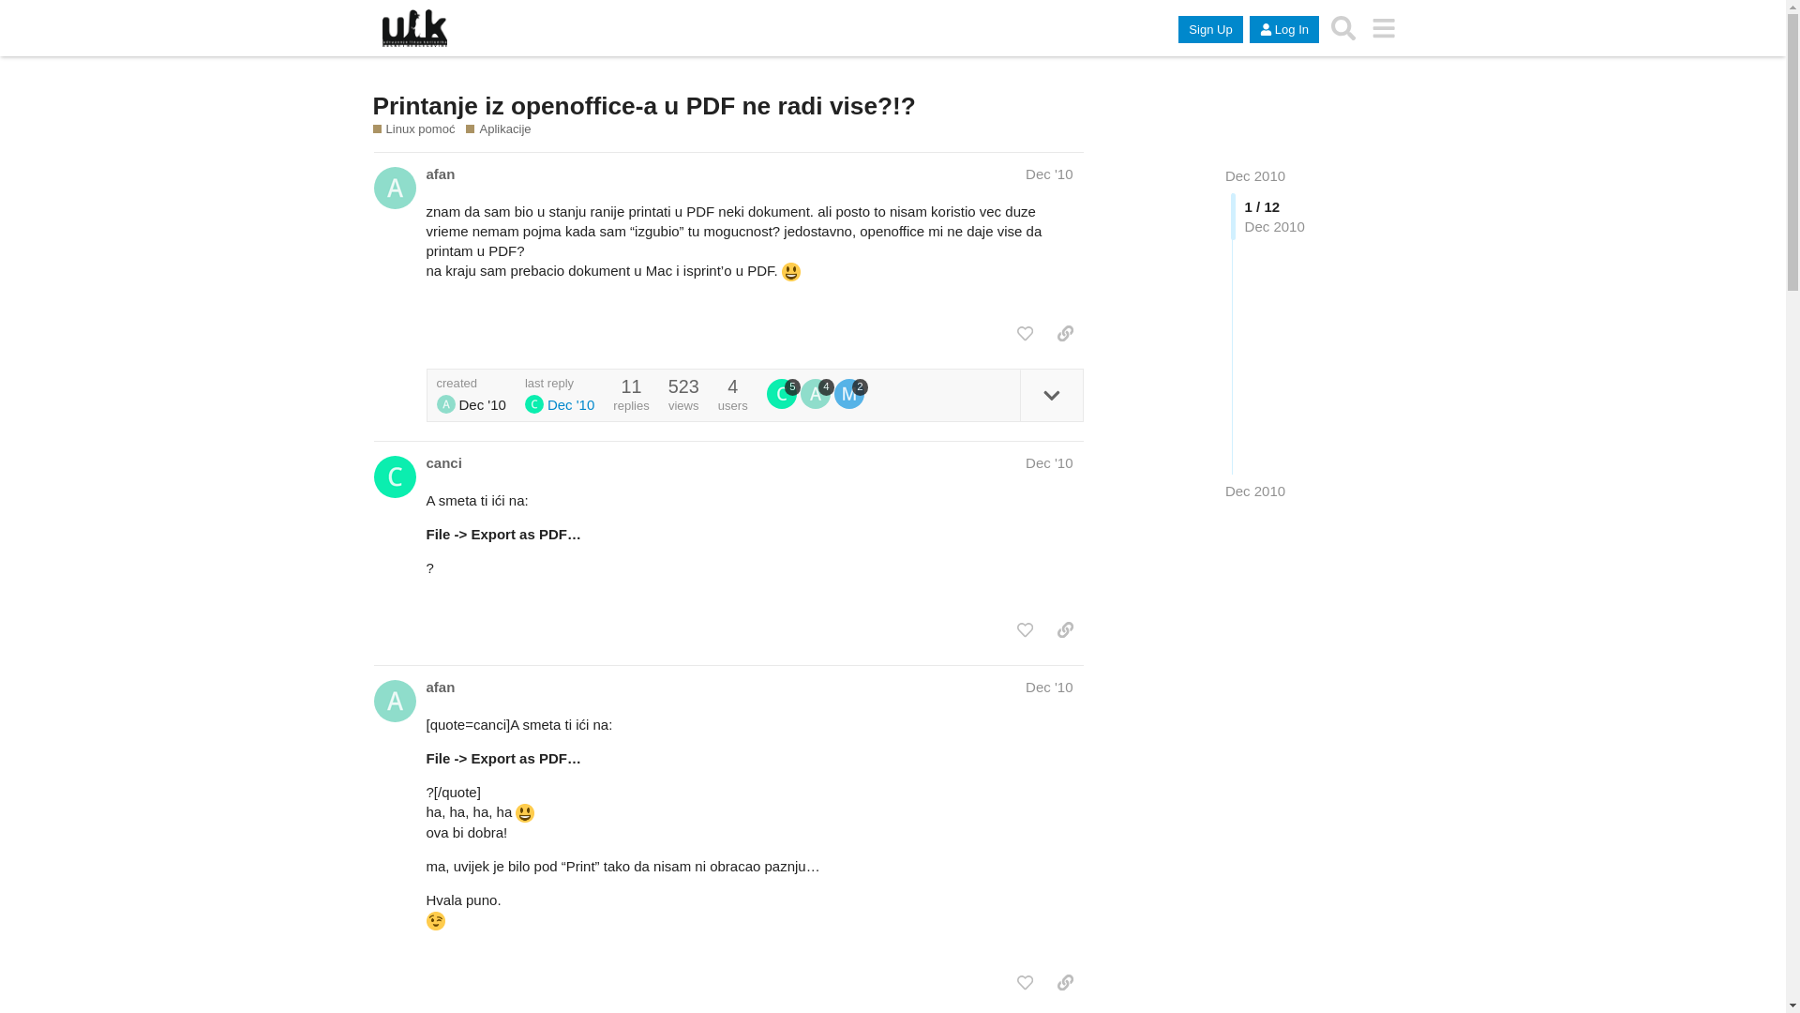 The width and height of the screenshot is (1800, 1013). What do you see at coordinates (1025, 174) in the screenshot?
I see `'Dec '10'` at bounding box center [1025, 174].